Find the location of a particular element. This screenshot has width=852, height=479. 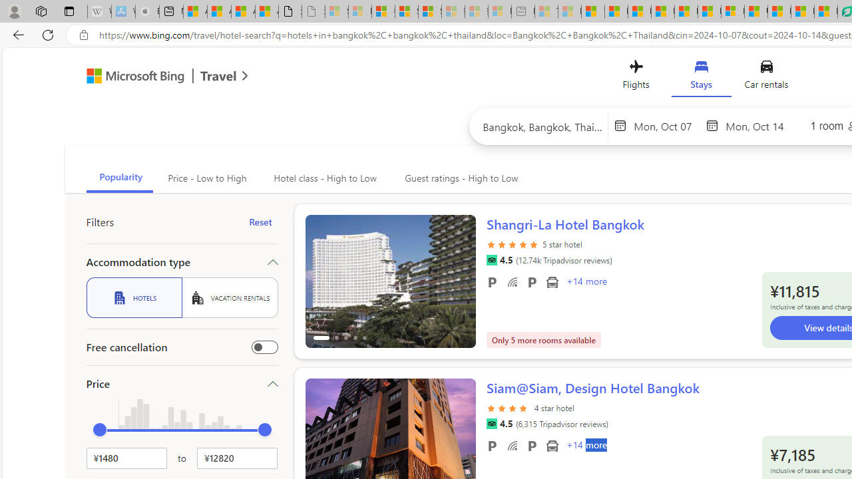

'Free parking' is located at coordinates (491, 445).